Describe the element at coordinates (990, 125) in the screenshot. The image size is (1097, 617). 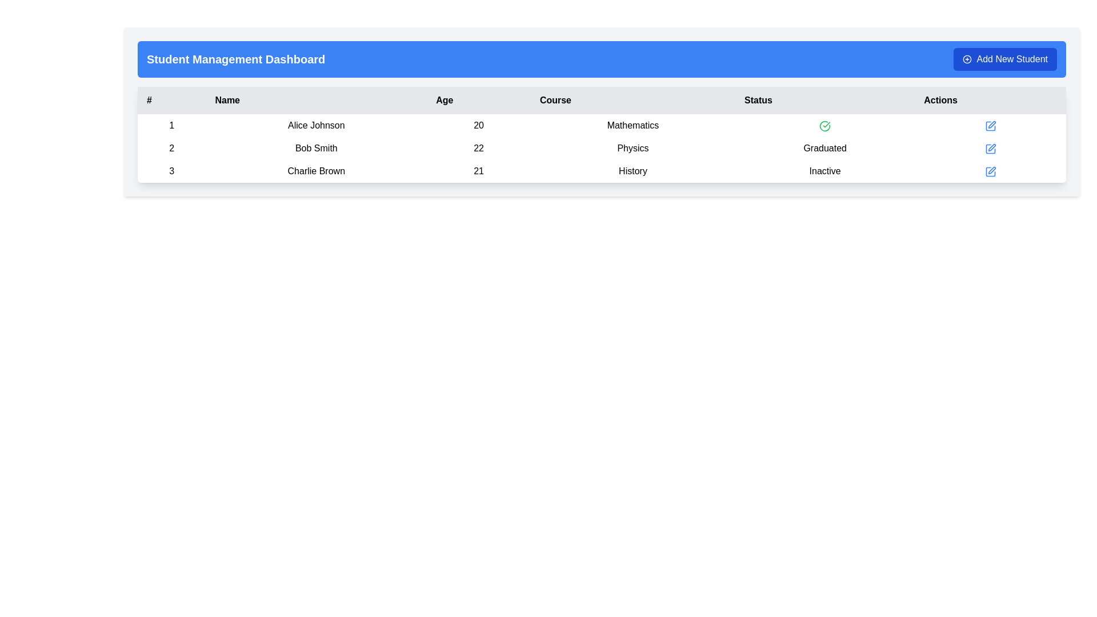
I see `the clickable icon button resembling a pen in the Actions column of the row for student 'Alice Johnson' for keyboard navigation` at that location.